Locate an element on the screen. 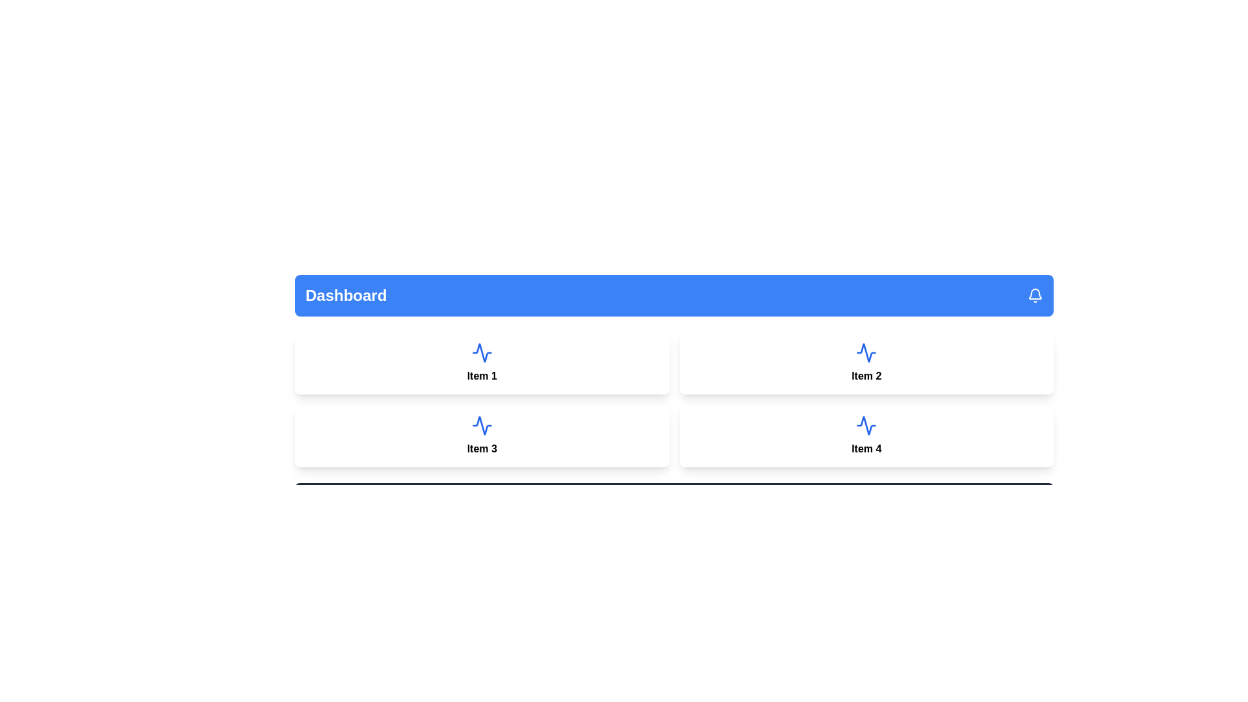  the Card displaying information or a feature associated with 'Item 4' located at the bottom-right corner of the grid layout is located at coordinates (866, 436).